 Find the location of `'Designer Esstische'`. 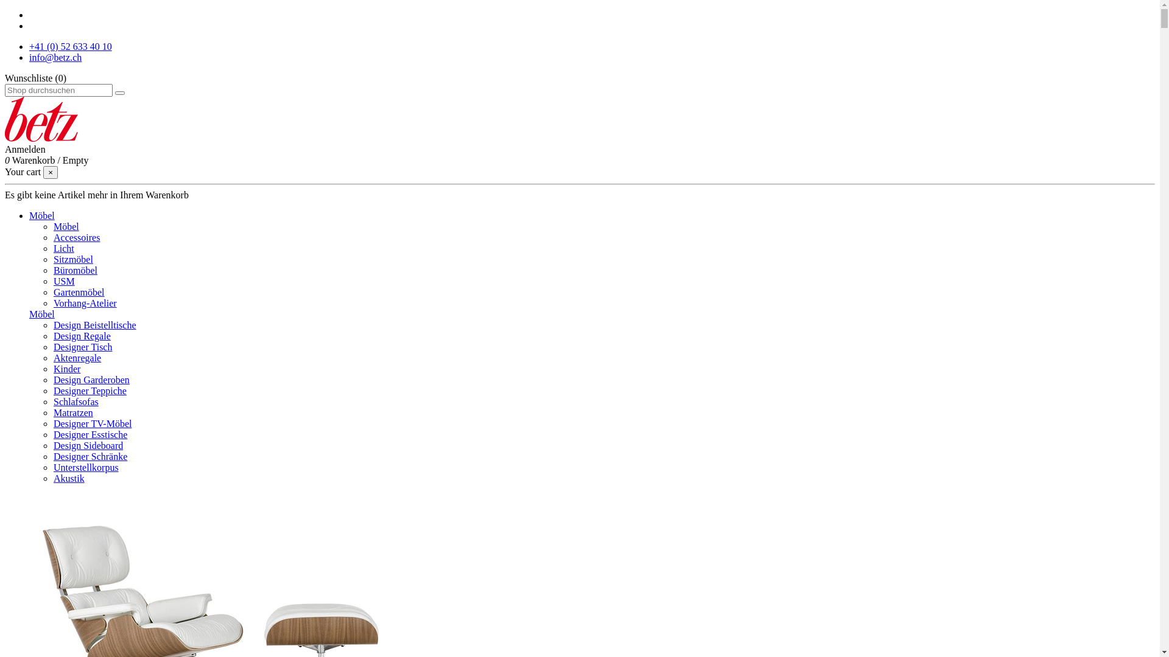

'Designer Esstische' is located at coordinates (90, 434).